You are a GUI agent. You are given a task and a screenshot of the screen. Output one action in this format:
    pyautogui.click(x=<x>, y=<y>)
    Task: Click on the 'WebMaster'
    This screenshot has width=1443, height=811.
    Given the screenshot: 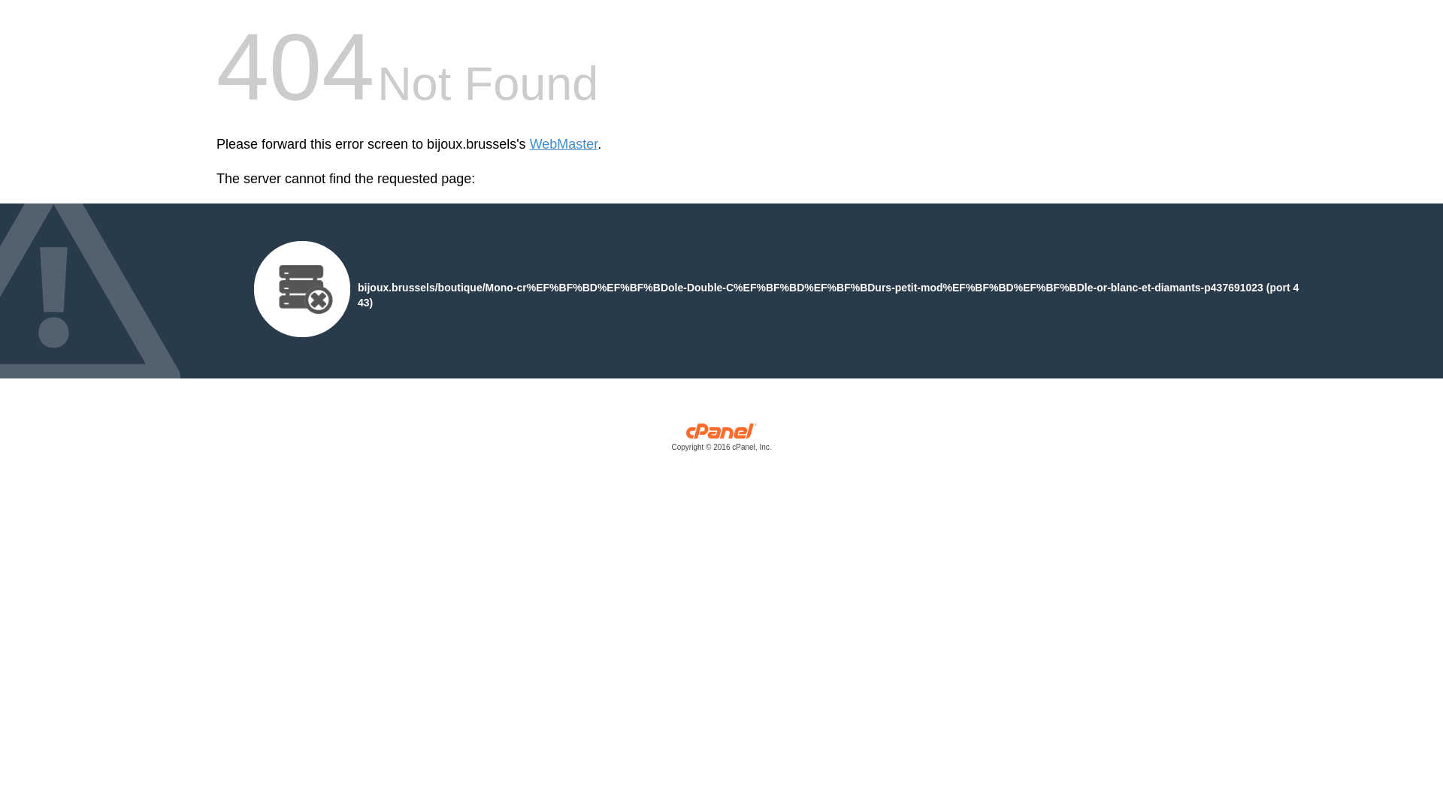 What is the action you would take?
    pyautogui.click(x=563, y=144)
    